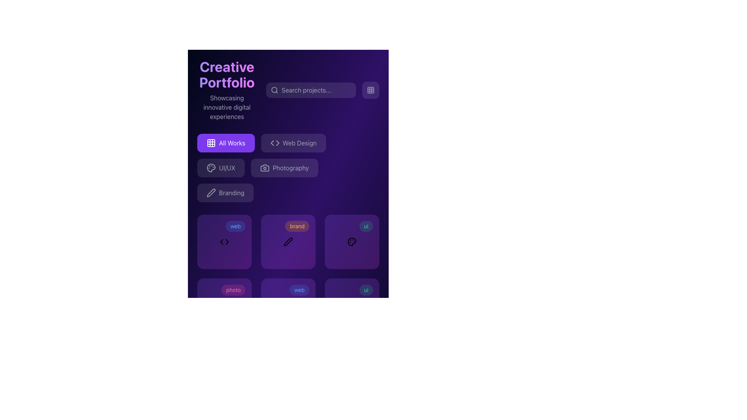 The image size is (747, 420). What do you see at coordinates (310, 89) in the screenshot?
I see `the search input field located in the top-right section of the interface` at bounding box center [310, 89].